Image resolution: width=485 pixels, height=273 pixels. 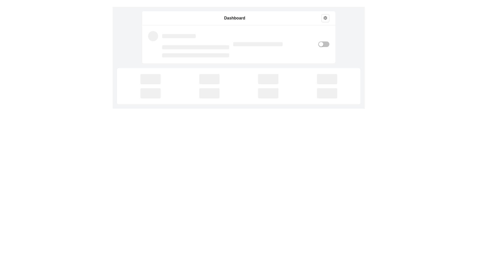 What do you see at coordinates (325, 18) in the screenshot?
I see `the gear-shaped icon button in the top-right corner of the 'Dashboard' header` at bounding box center [325, 18].